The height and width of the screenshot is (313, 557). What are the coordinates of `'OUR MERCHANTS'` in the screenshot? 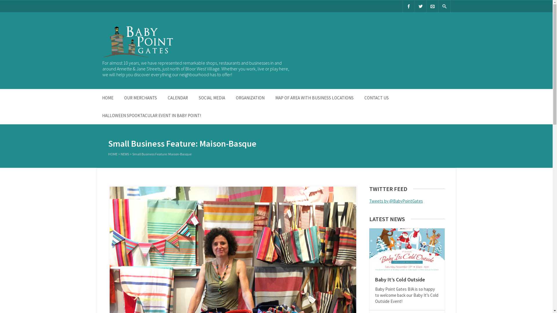 It's located at (140, 97).